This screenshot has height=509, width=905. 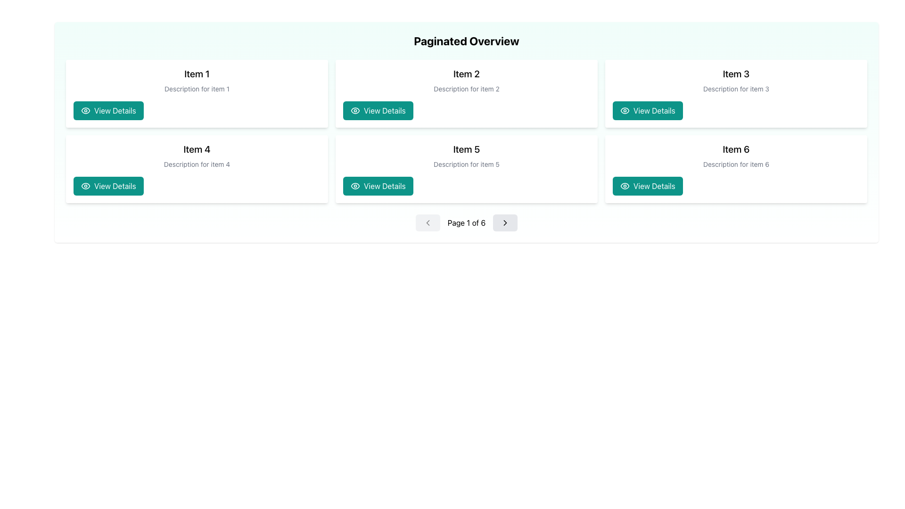 What do you see at coordinates (385, 186) in the screenshot?
I see `the button labeled 'Item 5'` at bounding box center [385, 186].